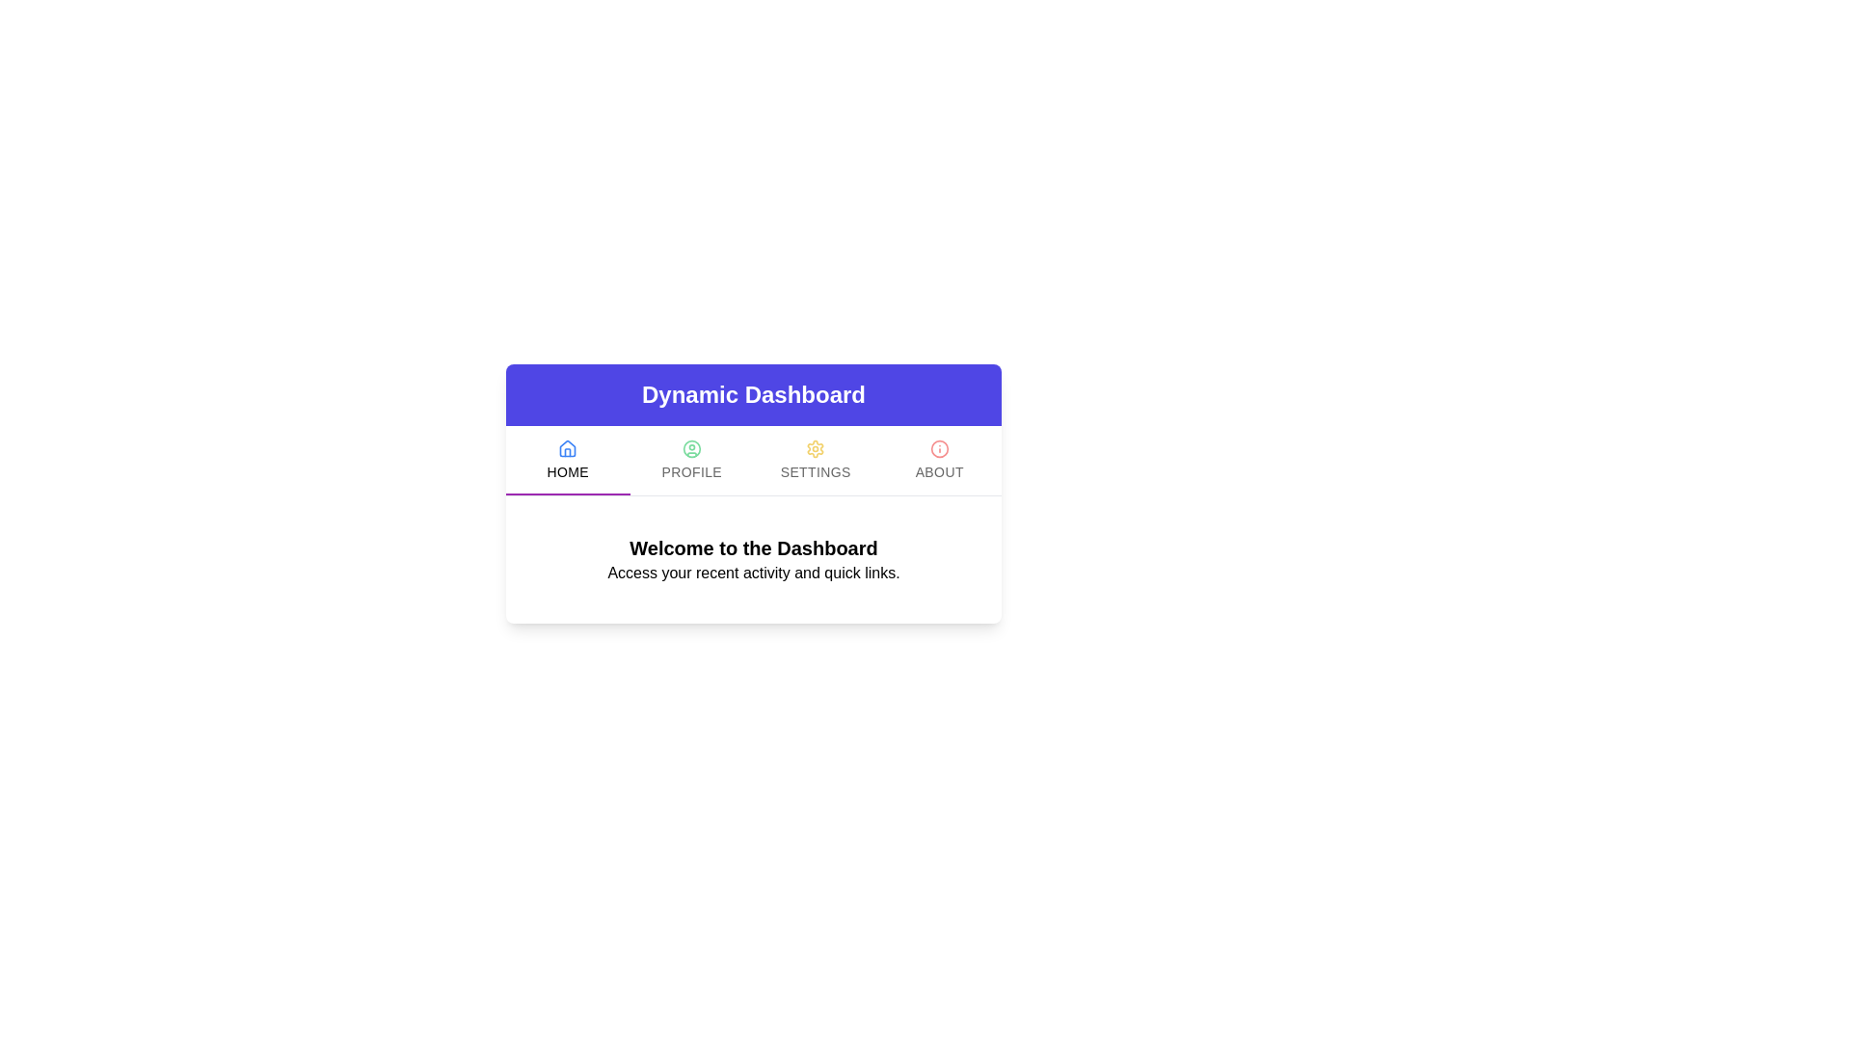 The image size is (1851, 1041). What do you see at coordinates (567, 494) in the screenshot?
I see `the visual indicator (tab active marker) located directly below the 'Home' tab in the navigation bar` at bounding box center [567, 494].